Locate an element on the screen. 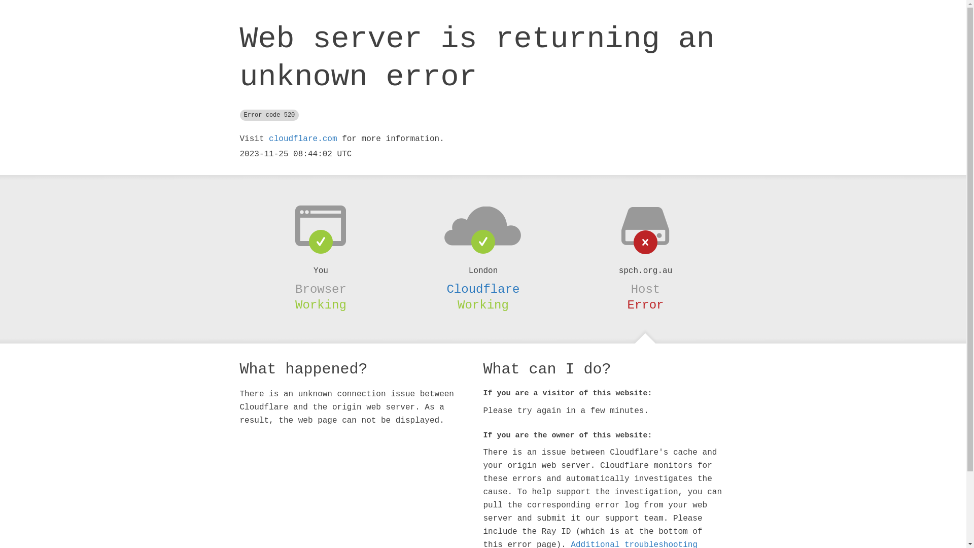  'Cloudflare' is located at coordinates (482, 289).